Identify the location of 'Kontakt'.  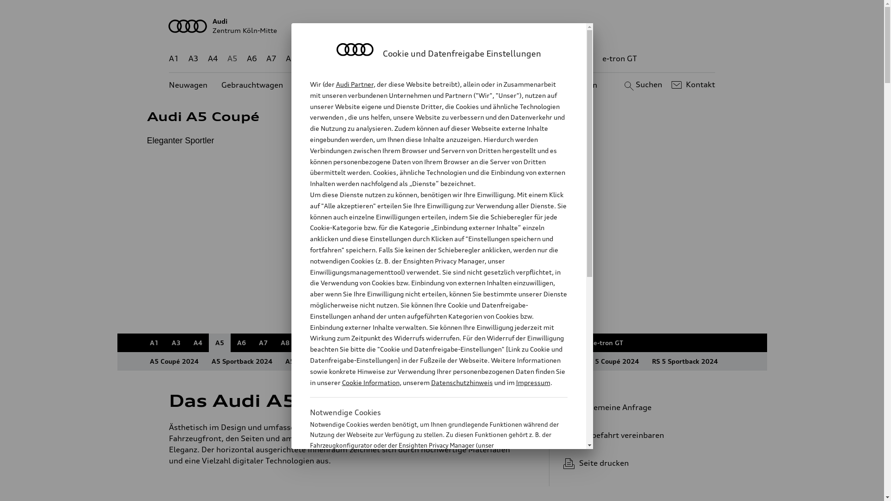
(692, 84).